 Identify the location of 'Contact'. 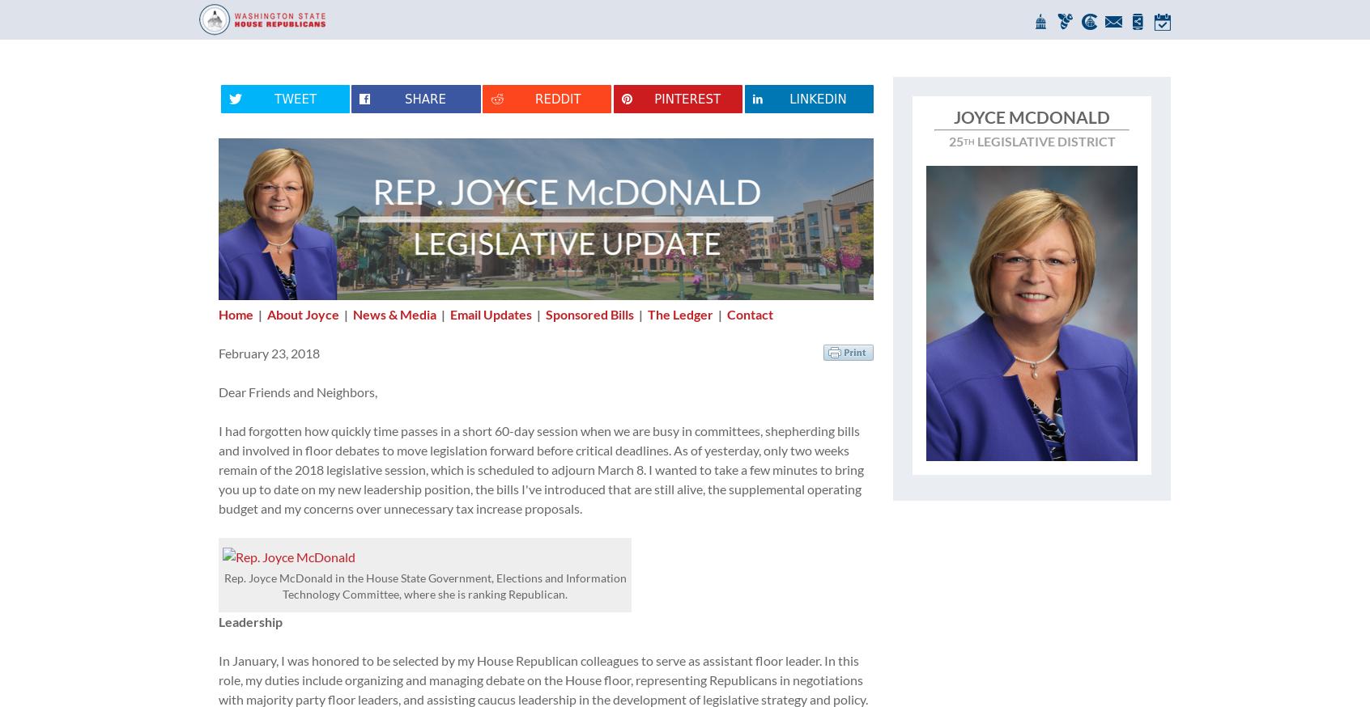
(750, 314).